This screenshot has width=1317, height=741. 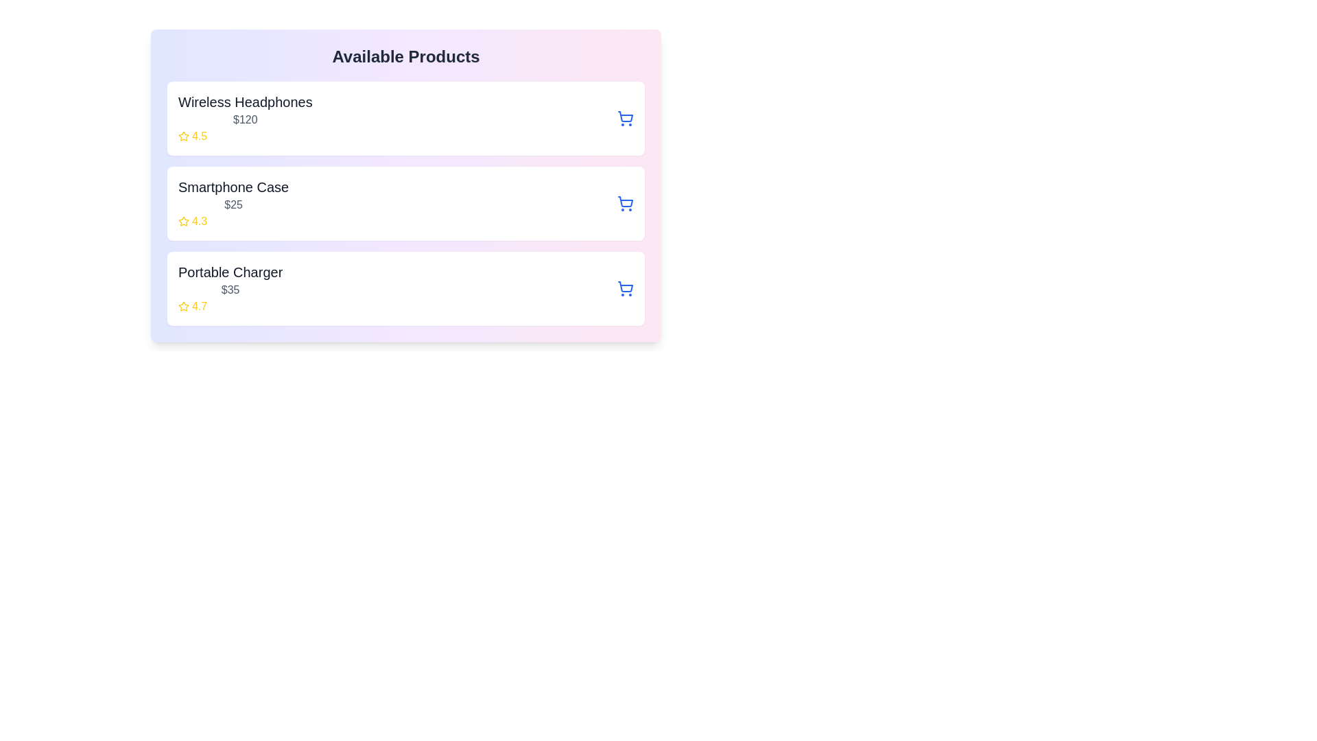 I want to click on cart button for the product Portable Charger, so click(x=625, y=287).